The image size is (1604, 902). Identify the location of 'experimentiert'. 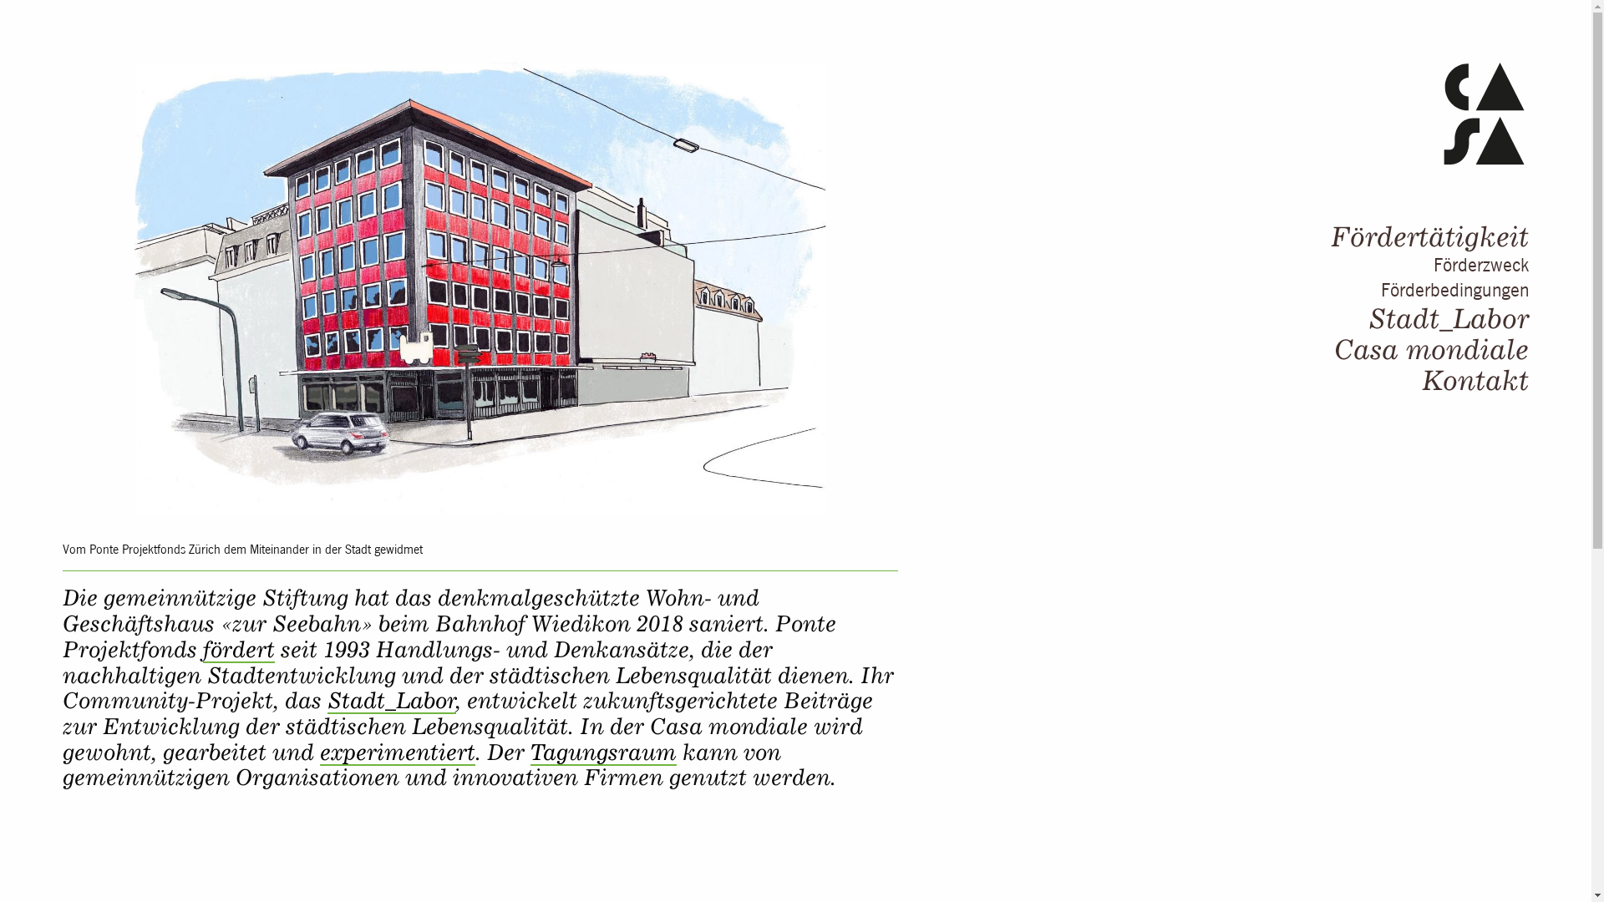
(396, 753).